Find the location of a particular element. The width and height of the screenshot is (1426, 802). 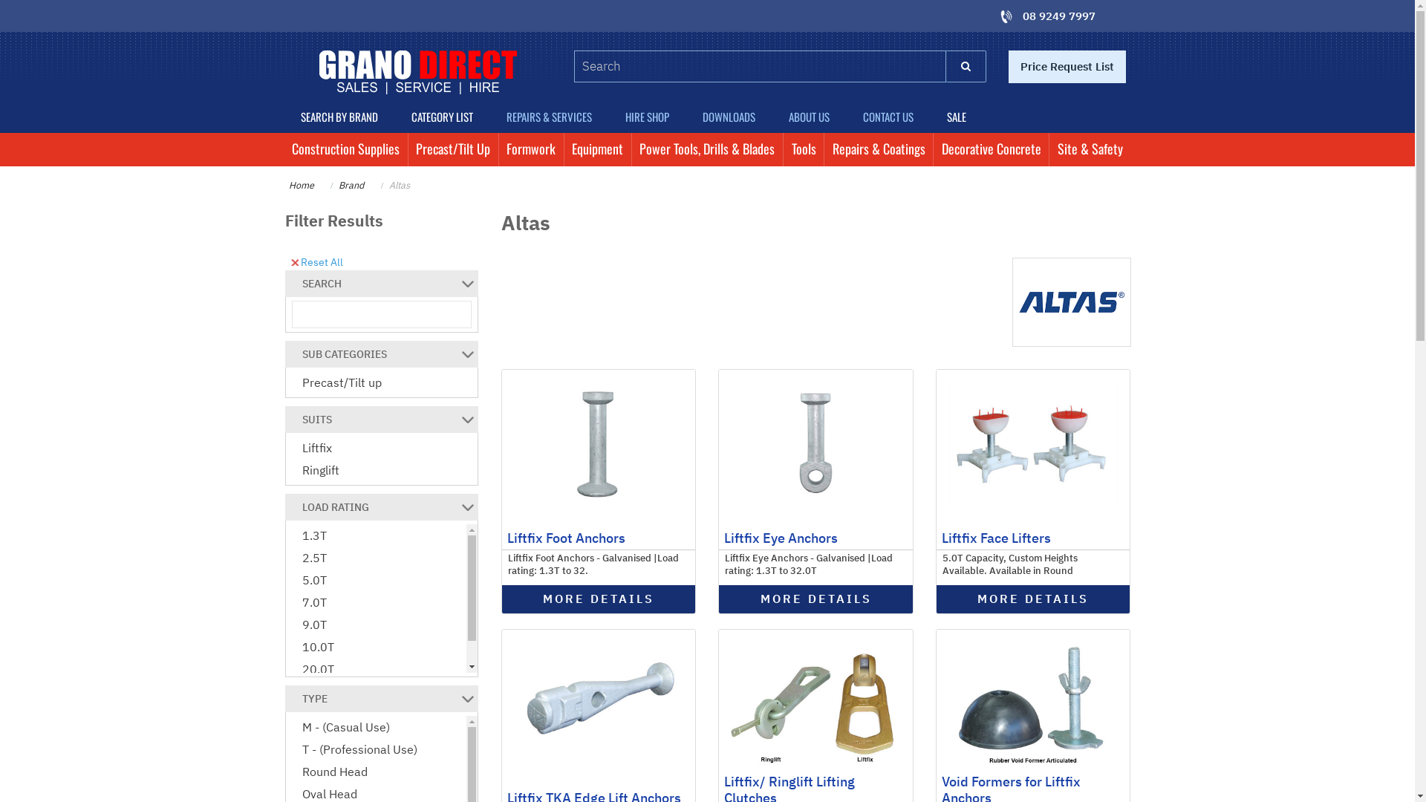

'Grano Direct' is located at coordinates (417, 72).